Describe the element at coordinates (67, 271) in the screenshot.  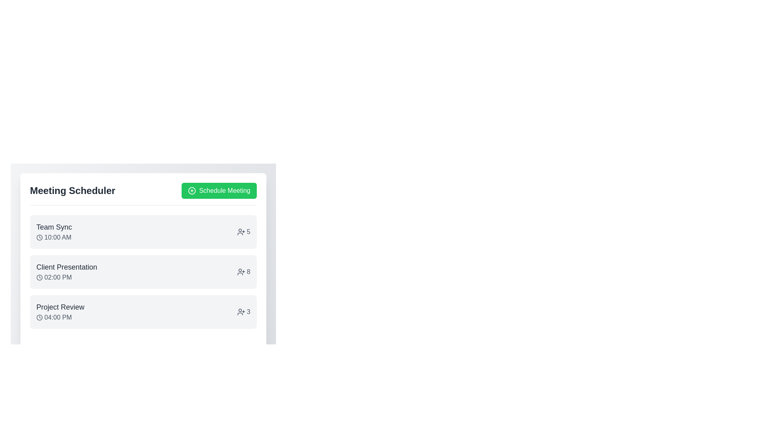
I see `the Text display for the scheduled meeting titled 'Client Presentation' at '02:00 PM', located in the second section of the meeting scheduler component` at that location.